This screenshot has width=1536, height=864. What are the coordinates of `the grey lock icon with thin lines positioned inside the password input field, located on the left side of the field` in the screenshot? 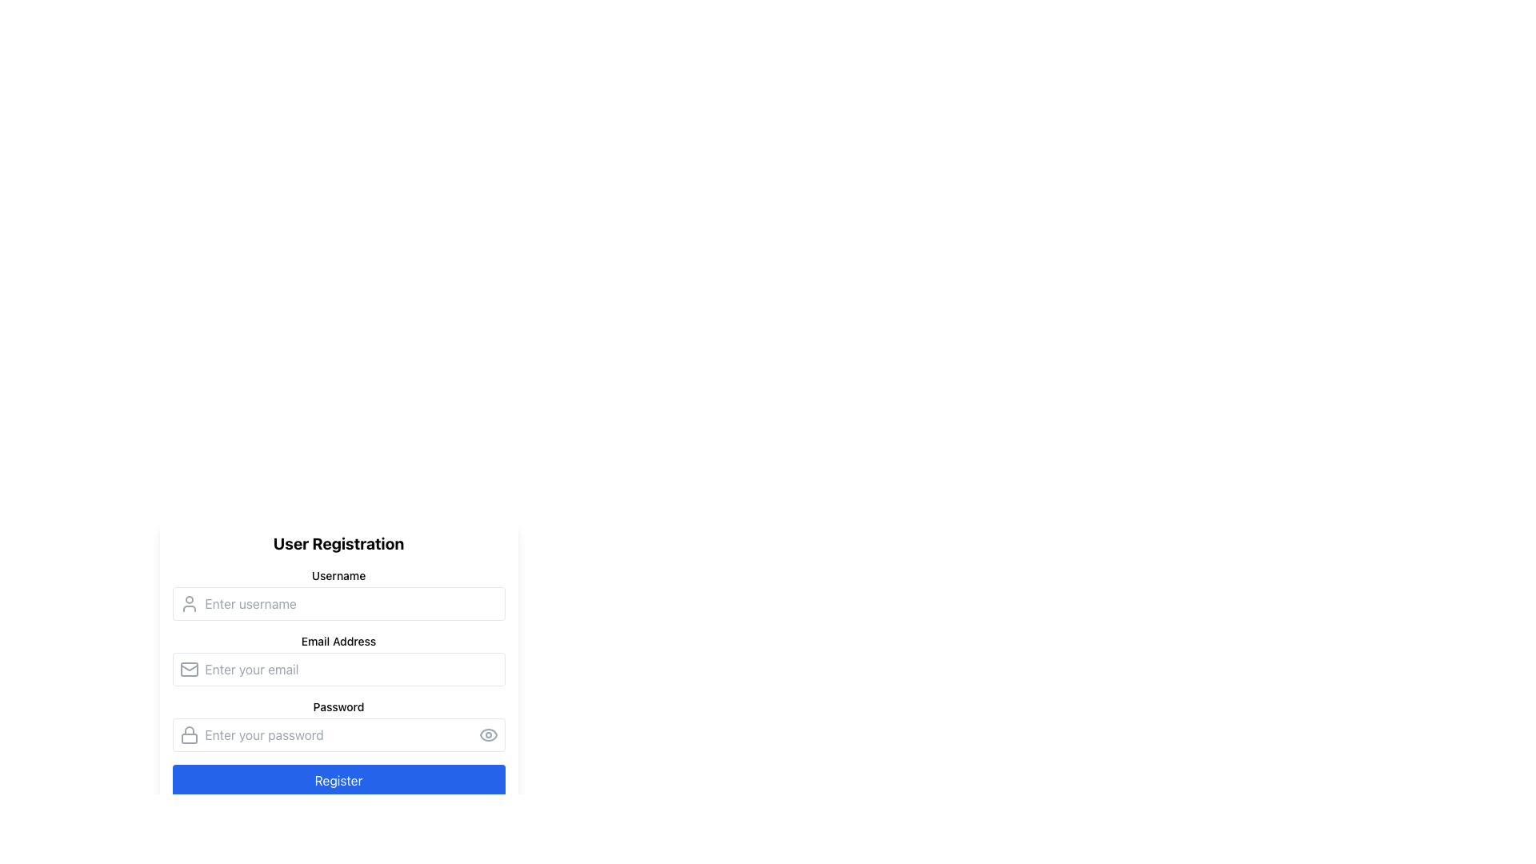 It's located at (189, 734).